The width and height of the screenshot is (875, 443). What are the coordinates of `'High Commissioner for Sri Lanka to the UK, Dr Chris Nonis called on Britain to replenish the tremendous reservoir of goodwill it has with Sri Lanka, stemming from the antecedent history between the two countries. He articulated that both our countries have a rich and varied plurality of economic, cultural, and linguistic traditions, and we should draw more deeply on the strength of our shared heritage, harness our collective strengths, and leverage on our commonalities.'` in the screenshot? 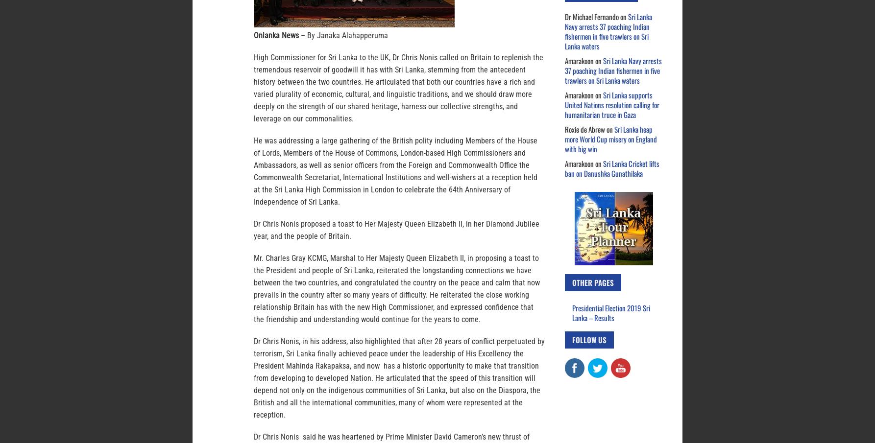 It's located at (398, 88).